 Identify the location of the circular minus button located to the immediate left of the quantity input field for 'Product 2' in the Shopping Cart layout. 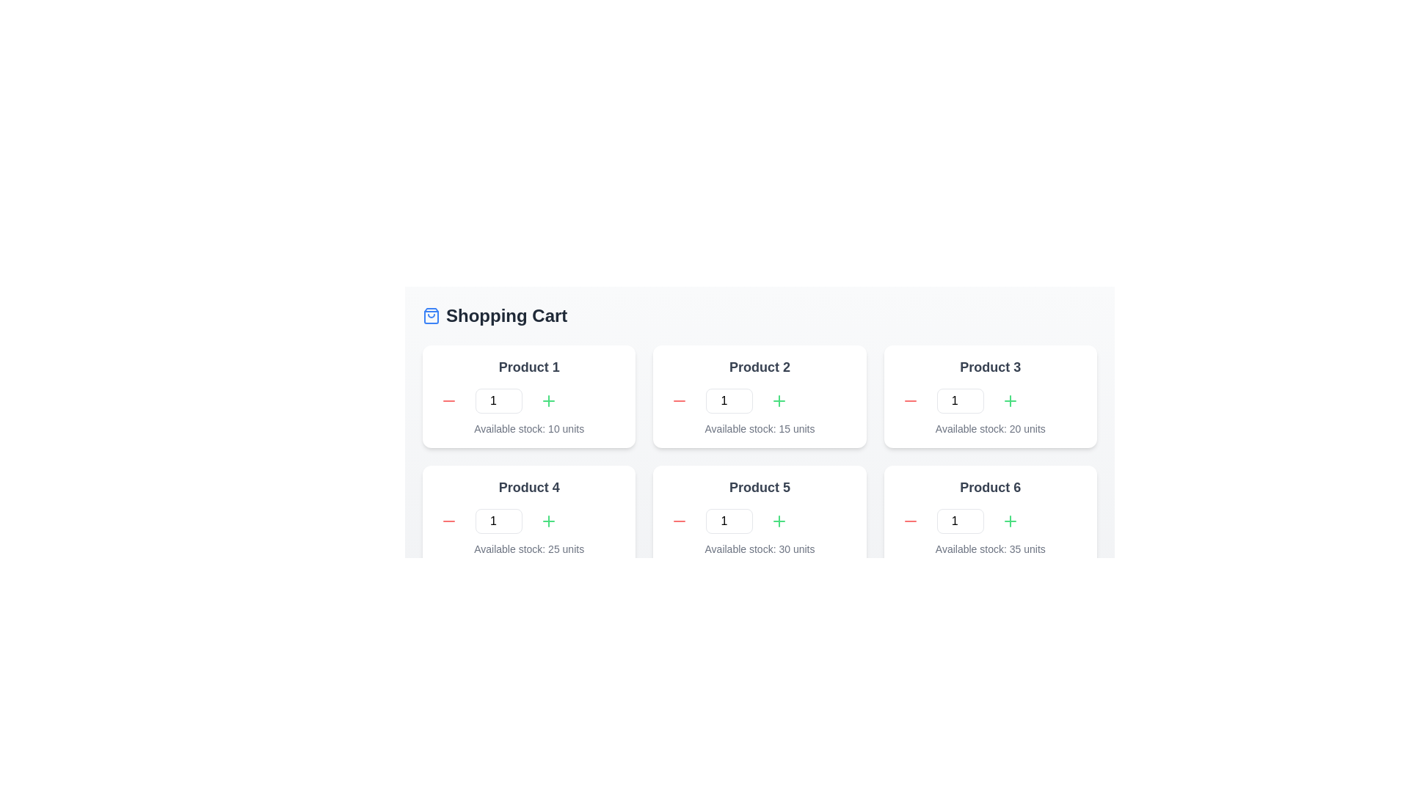
(679, 401).